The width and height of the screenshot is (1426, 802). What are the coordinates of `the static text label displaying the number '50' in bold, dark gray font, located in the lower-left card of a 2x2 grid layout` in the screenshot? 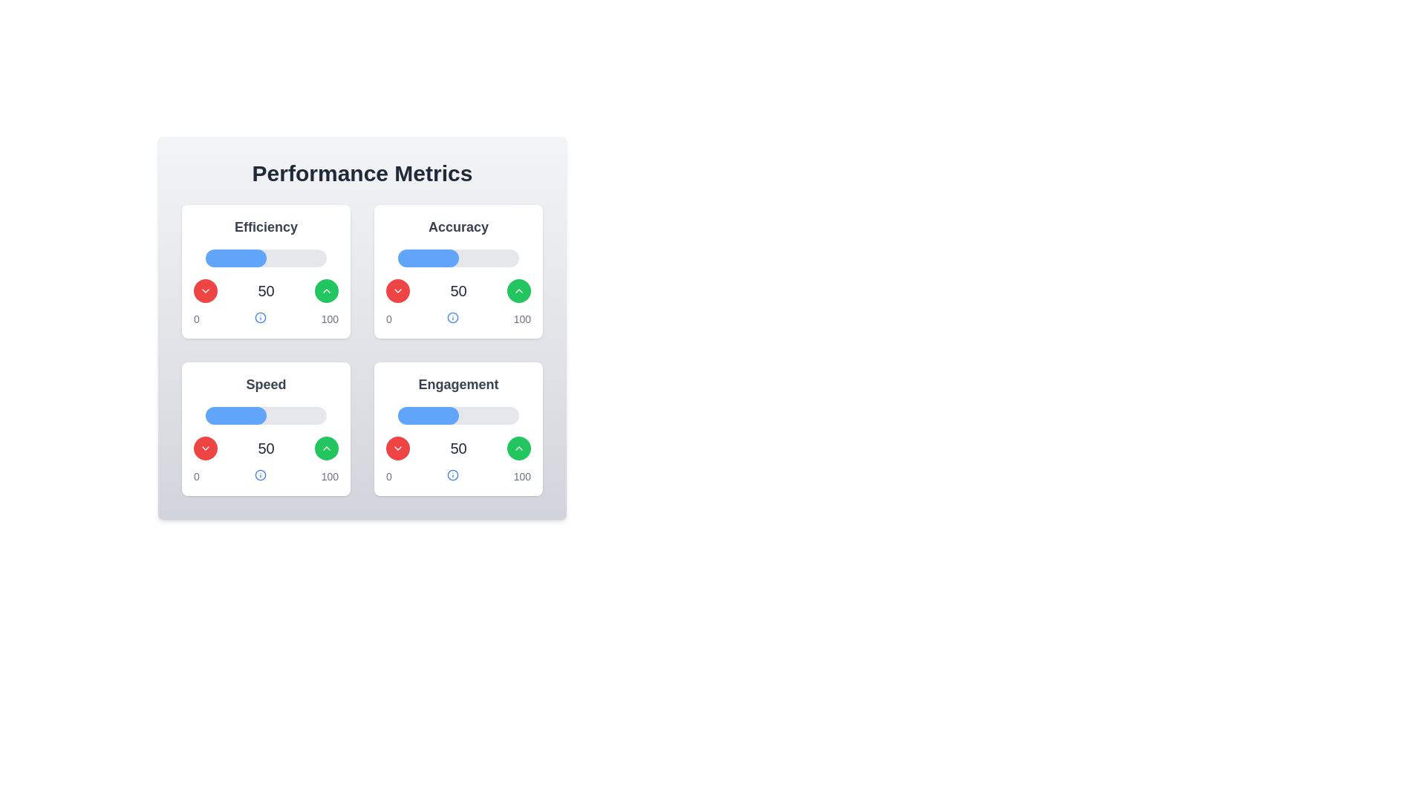 It's located at (266, 448).